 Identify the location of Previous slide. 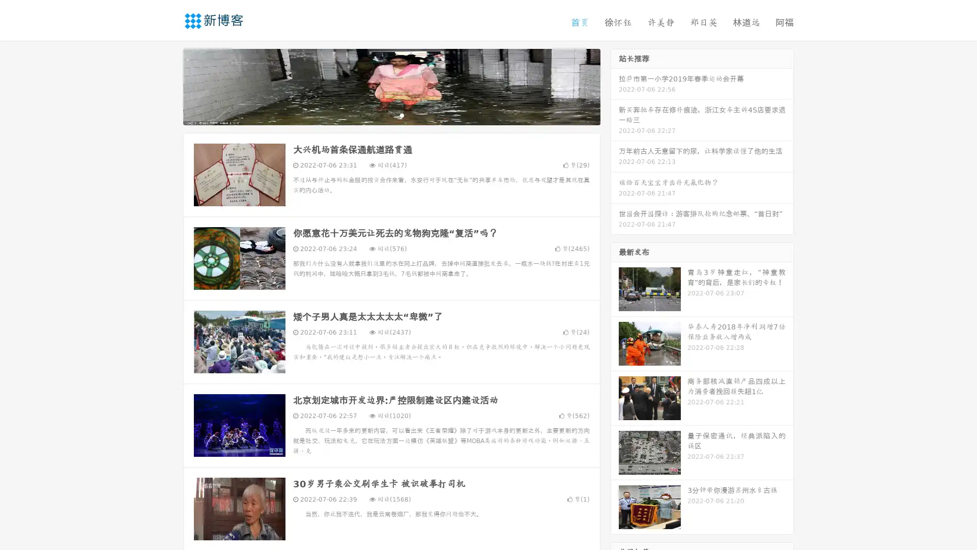
(168, 86).